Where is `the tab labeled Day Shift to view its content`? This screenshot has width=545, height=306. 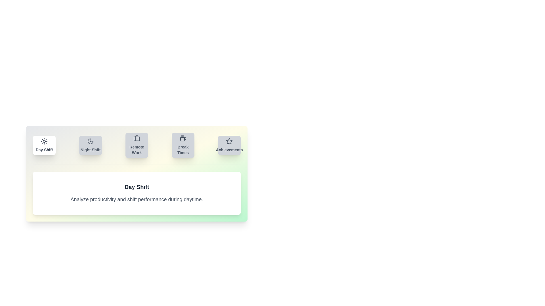 the tab labeled Day Shift to view its content is located at coordinates (44, 145).